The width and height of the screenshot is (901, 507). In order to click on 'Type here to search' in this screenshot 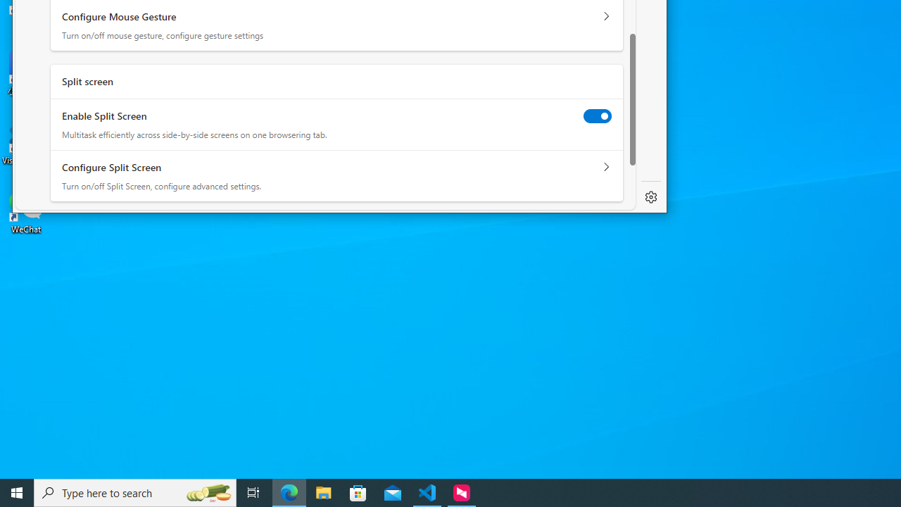, I will do `click(135, 492)`.